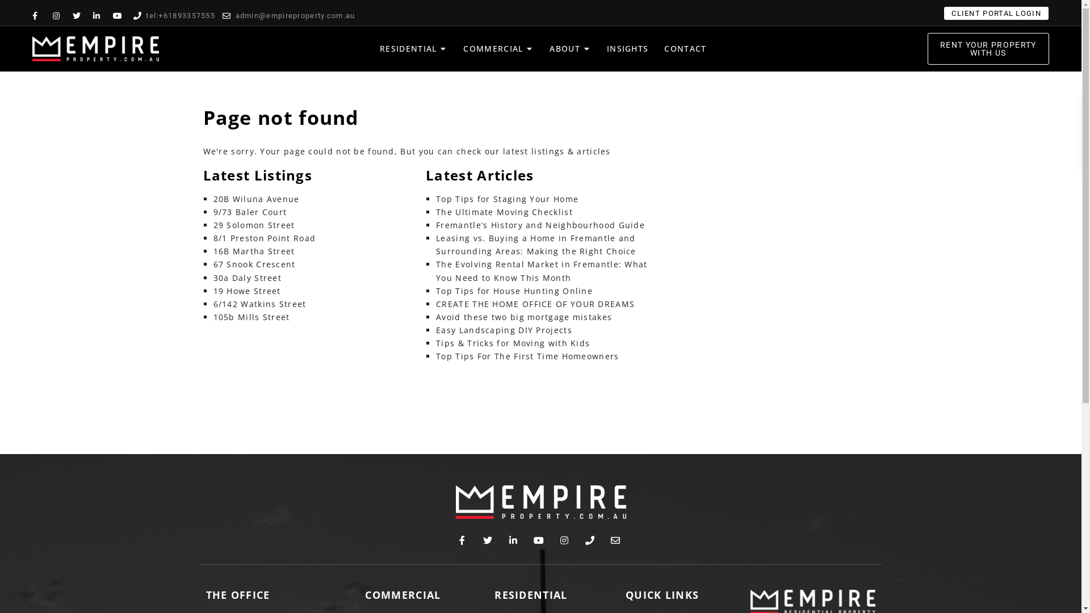  Describe the element at coordinates (988, 48) in the screenshot. I see `'RENT YOUR PROPERTY WITH US'` at that location.